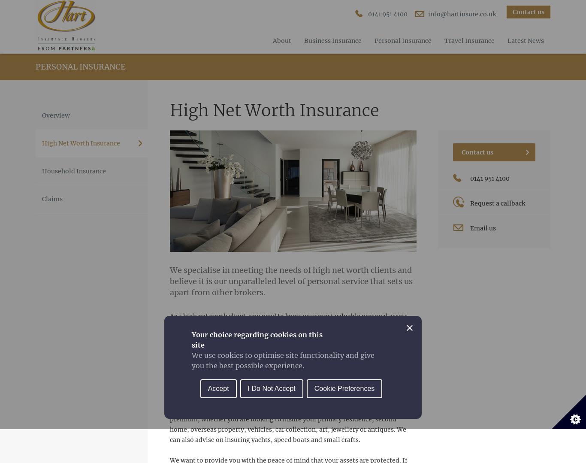 This screenshot has height=463, width=586. I want to click on 'With many years’ experience arranging insurance for high net worth individuals, we understand you require something extra from your broker in terms of personal service, exclusivity and attention to detail. We pride ourselves on constantly striving to exceed your expectations.', so click(291, 362).